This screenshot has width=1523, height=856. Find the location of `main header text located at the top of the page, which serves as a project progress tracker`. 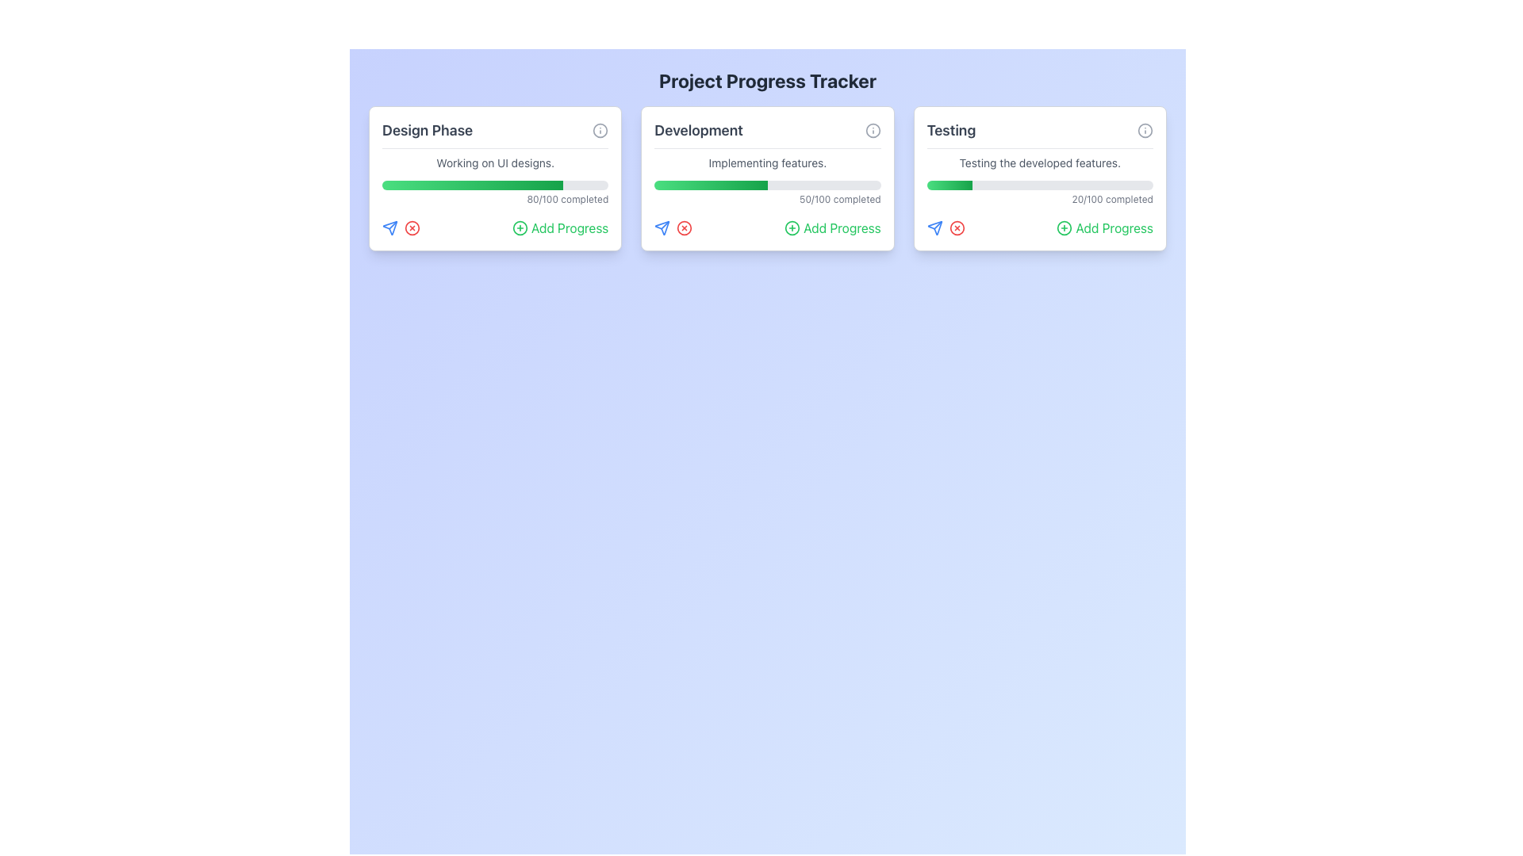

main header text located at the top of the page, which serves as a project progress tracker is located at coordinates (768, 80).